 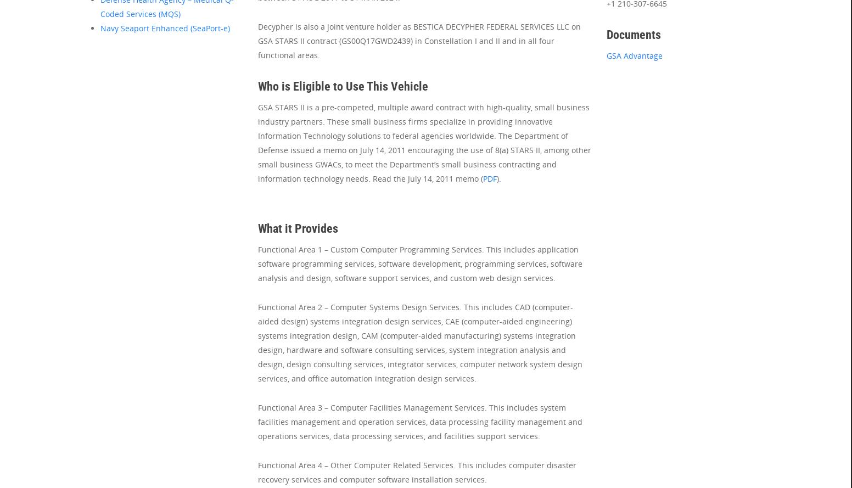 I want to click on 'PDF', so click(x=490, y=178).